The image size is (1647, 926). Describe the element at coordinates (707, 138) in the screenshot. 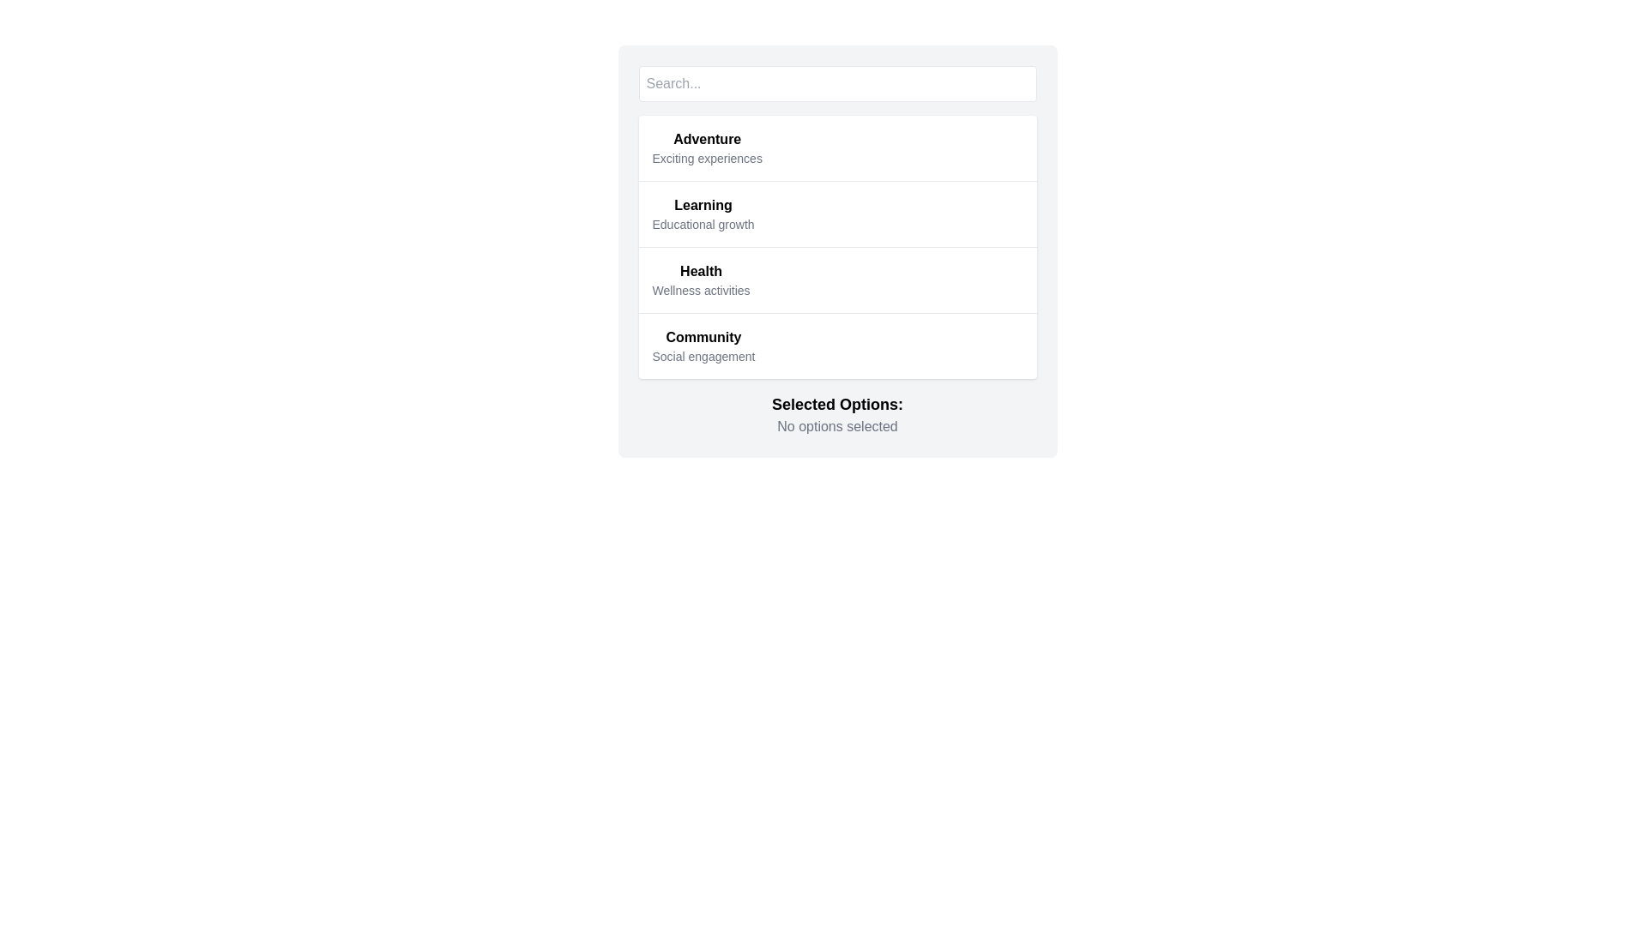

I see `the text label positioned above the subtitle 'Exciting experiences' in the top-left card of the list` at that location.